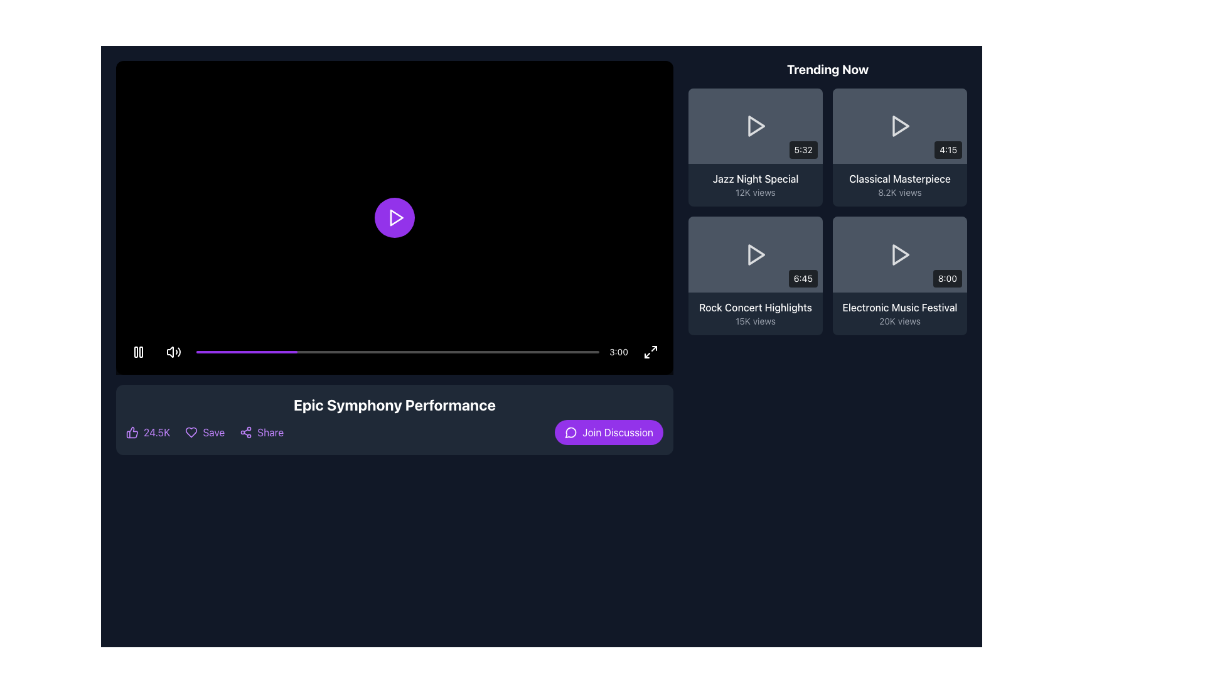 The height and width of the screenshot is (678, 1205). What do you see at coordinates (132, 431) in the screenshot?
I see `the purple thumbs-up icon located at the left-most side of the horizontal row at the bottom of the video panel, which is next to the numeric text '24.5K'` at bounding box center [132, 431].